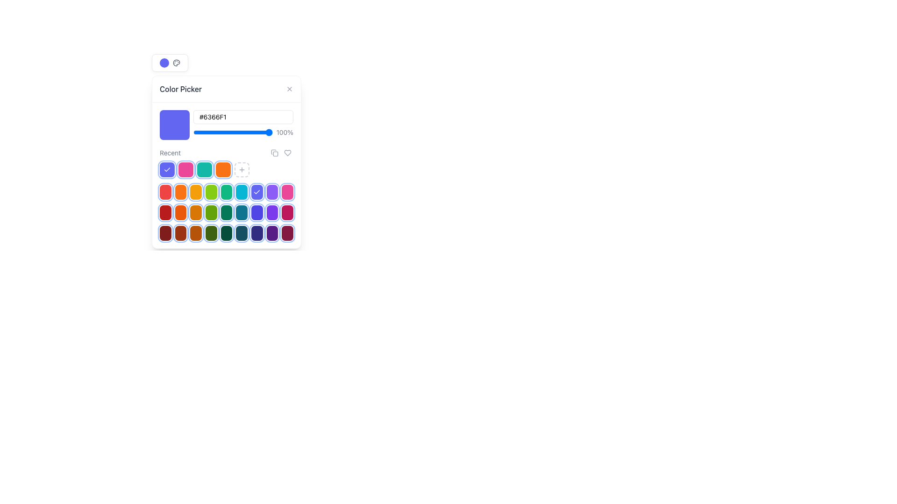 The image size is (897, 504). Describe the element at coordinates (226, 161) in the screenshot. I see `the third color selection square in the Color Picker interface` at that location.